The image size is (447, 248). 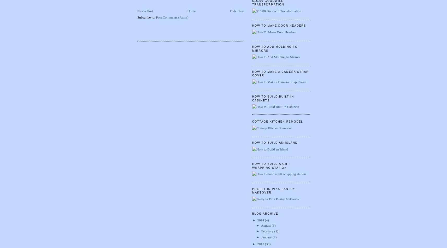 What do you see at coordinates (266, 225) in the screenshot?
I see `'August'` at bounding box center [266, 225].